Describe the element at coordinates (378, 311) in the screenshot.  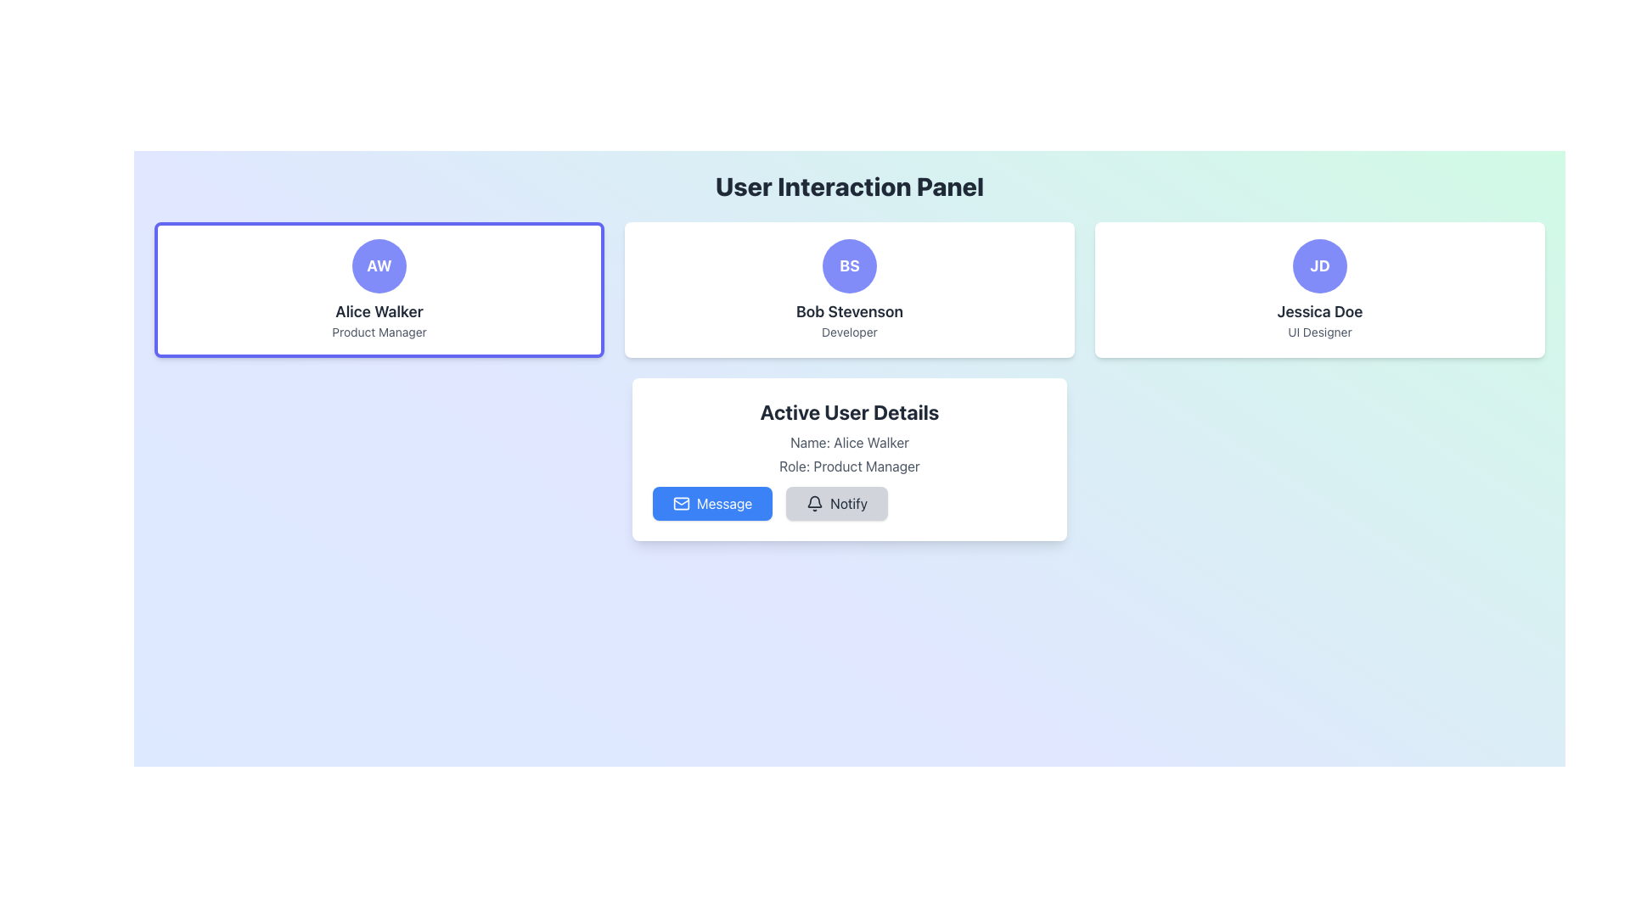
I see `the Text Label displaying the name 'Alice Walker', which is positioned below the circular profile icon with initials 'AW' and above the description text 'Product Manager'` at that location.